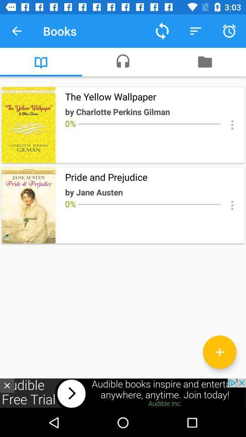 The image size is (246, 437). What do you see at coordinates (232, 205) in the screenshot?
I see `options` at bounding box center [232, 205].